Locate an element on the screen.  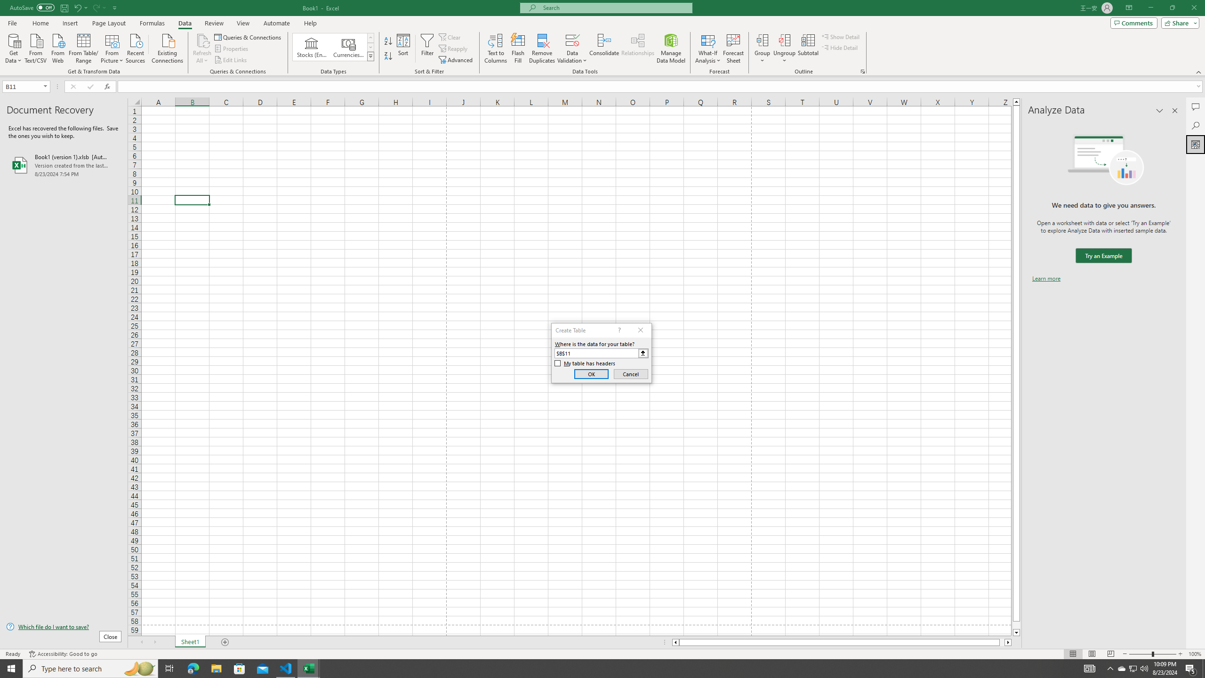
'Manage Data Model' is located at coordinates (670, 48).